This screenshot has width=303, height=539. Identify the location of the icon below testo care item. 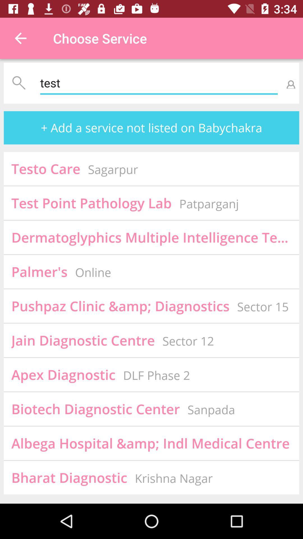
(91, 203).